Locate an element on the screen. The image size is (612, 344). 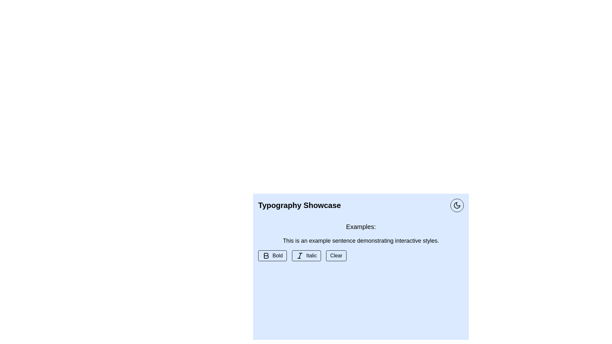
the static text element that serves as an example text for demonstrating typography, located below the title 'Examples:' and above the formatting buttons is located at coordinates (361, 241).